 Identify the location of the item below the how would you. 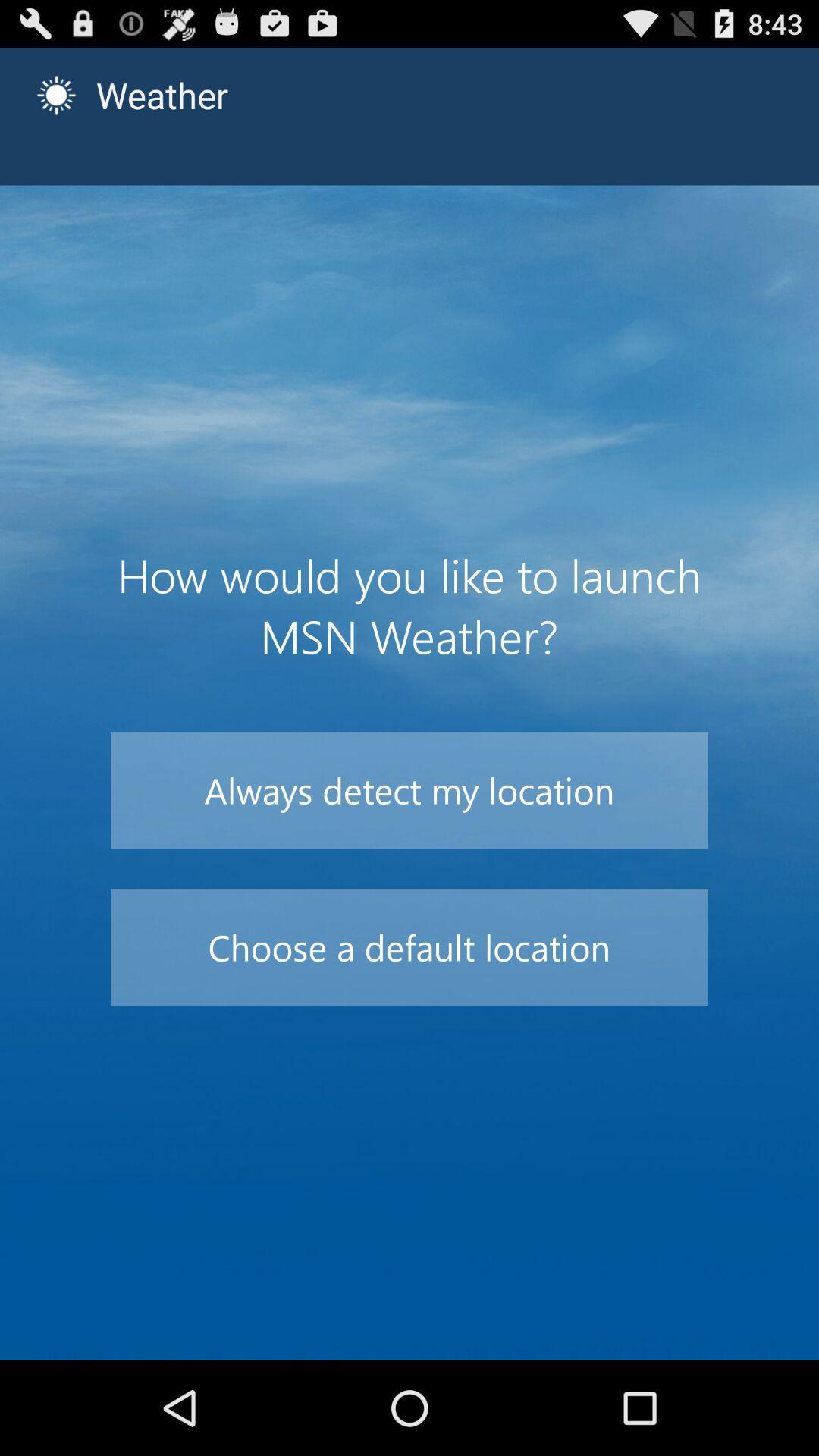
(409, 789).